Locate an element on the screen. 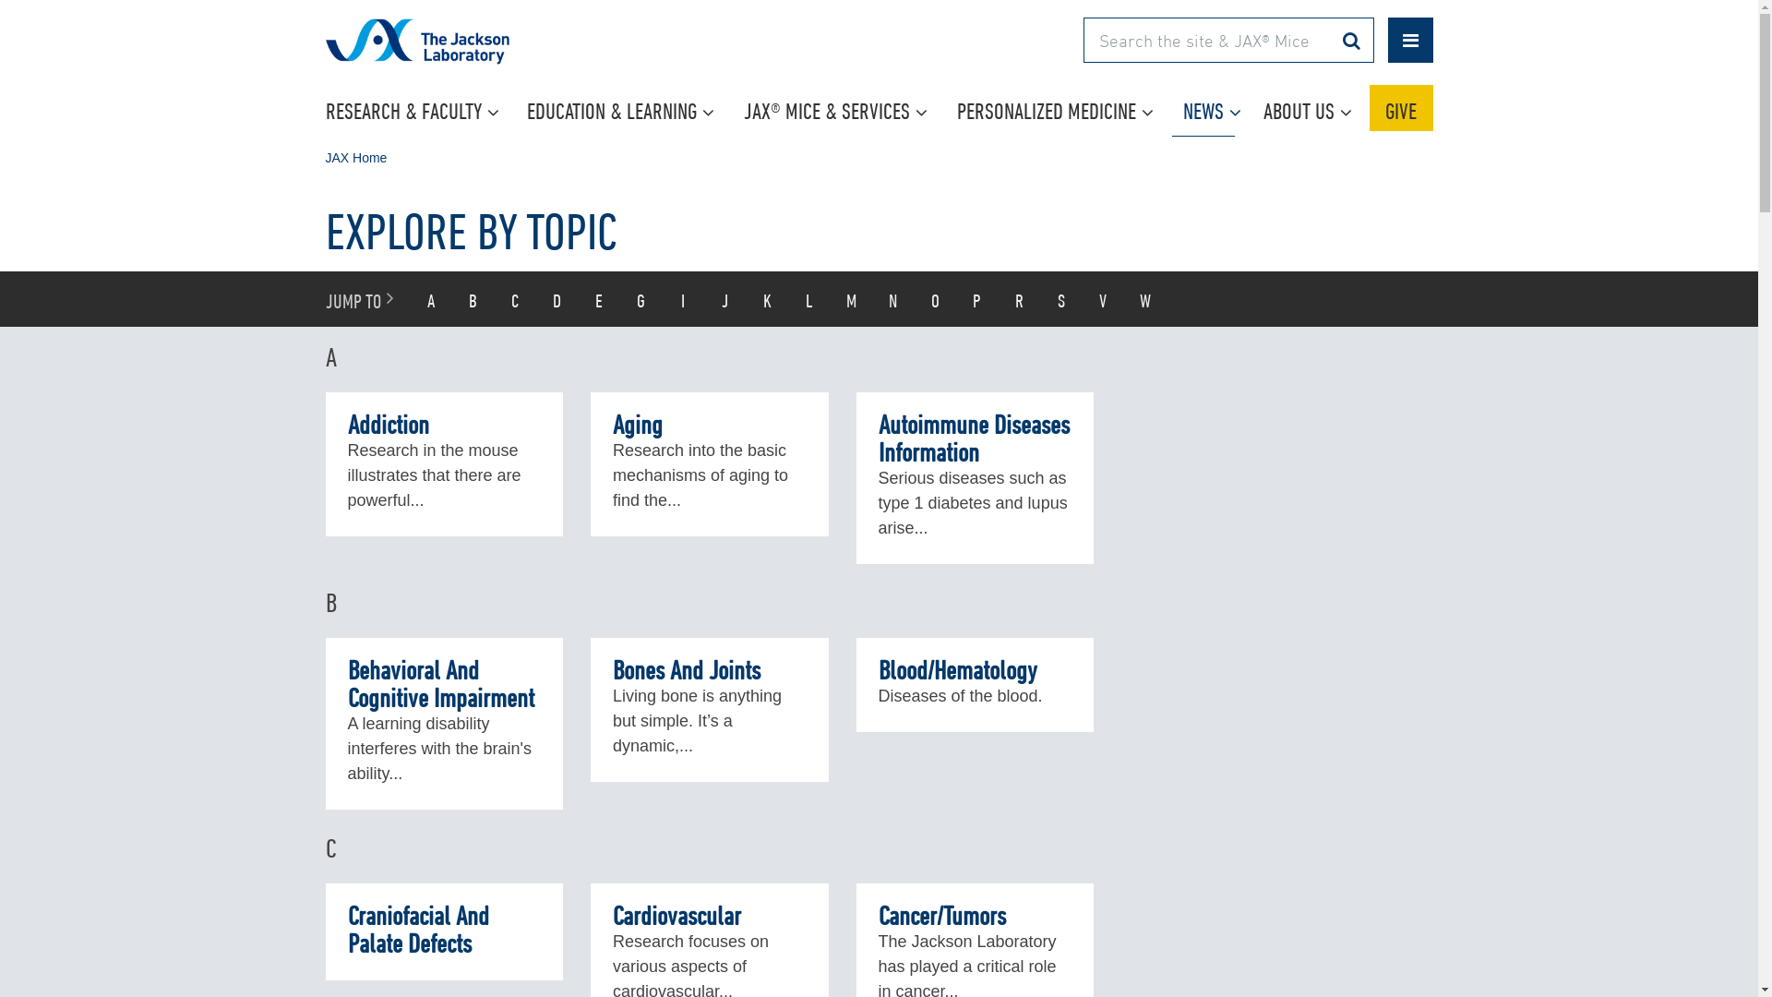  'G' is located at coordinates (641, 298).